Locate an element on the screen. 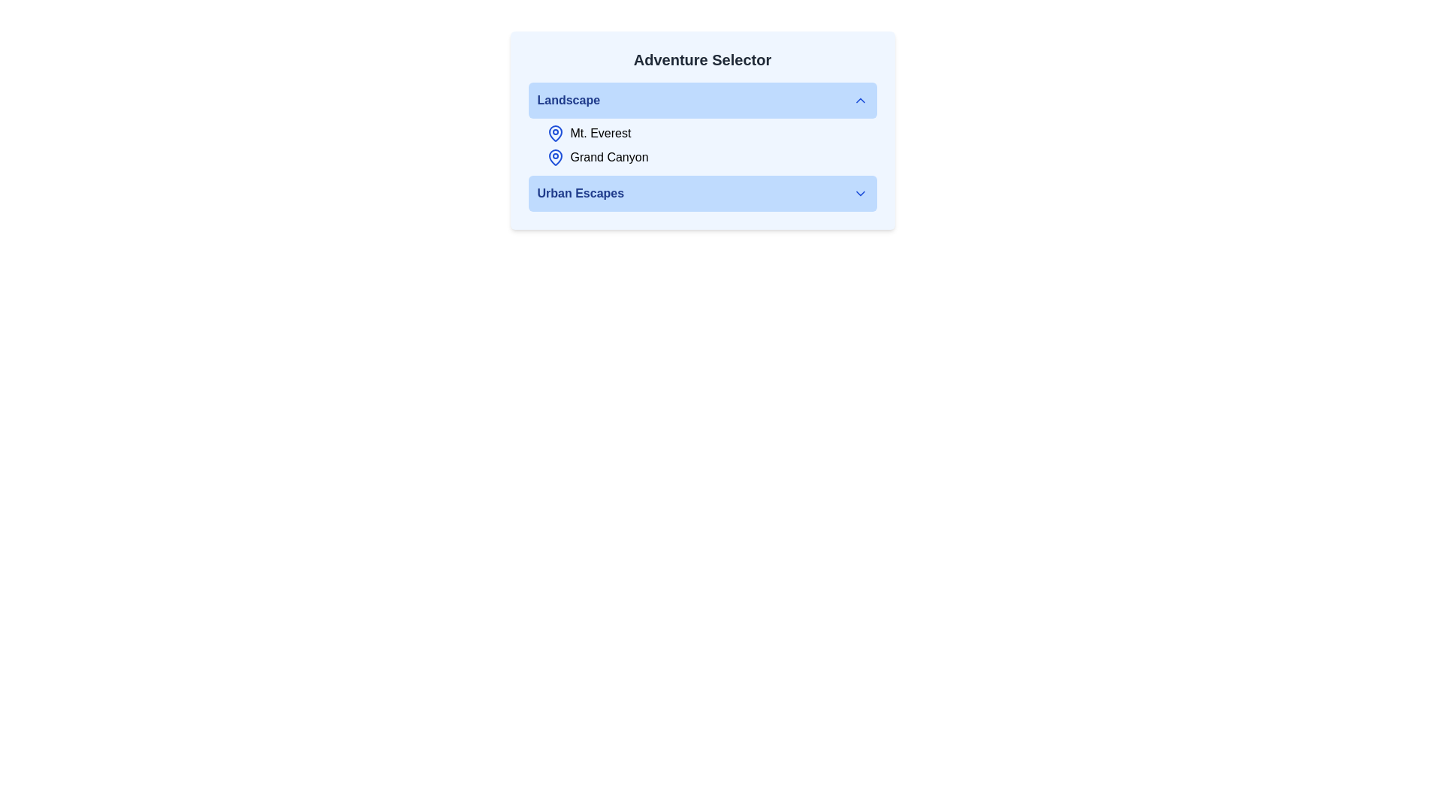 The image size is (1442, 811). the blue map pin icon that denotes locations, positioned to the left of the text 'Grand Canyon' in the 'Landscape' section of the 'Adventure Selector' is located at coordinates (554, 157).